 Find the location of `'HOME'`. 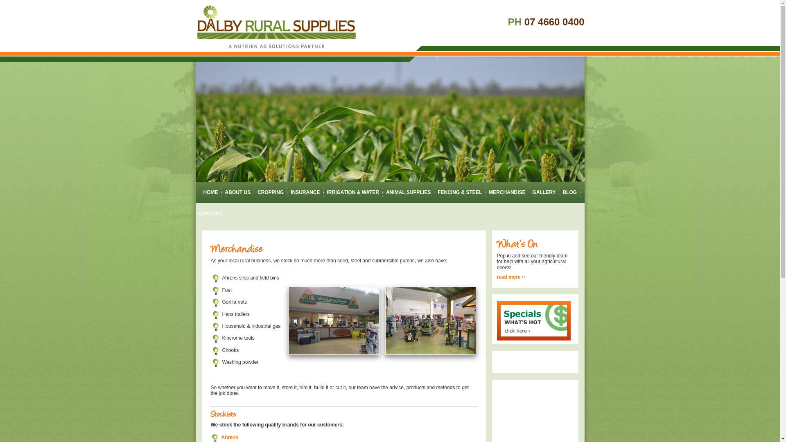

'HOME' is located at coordinates (208, 192).